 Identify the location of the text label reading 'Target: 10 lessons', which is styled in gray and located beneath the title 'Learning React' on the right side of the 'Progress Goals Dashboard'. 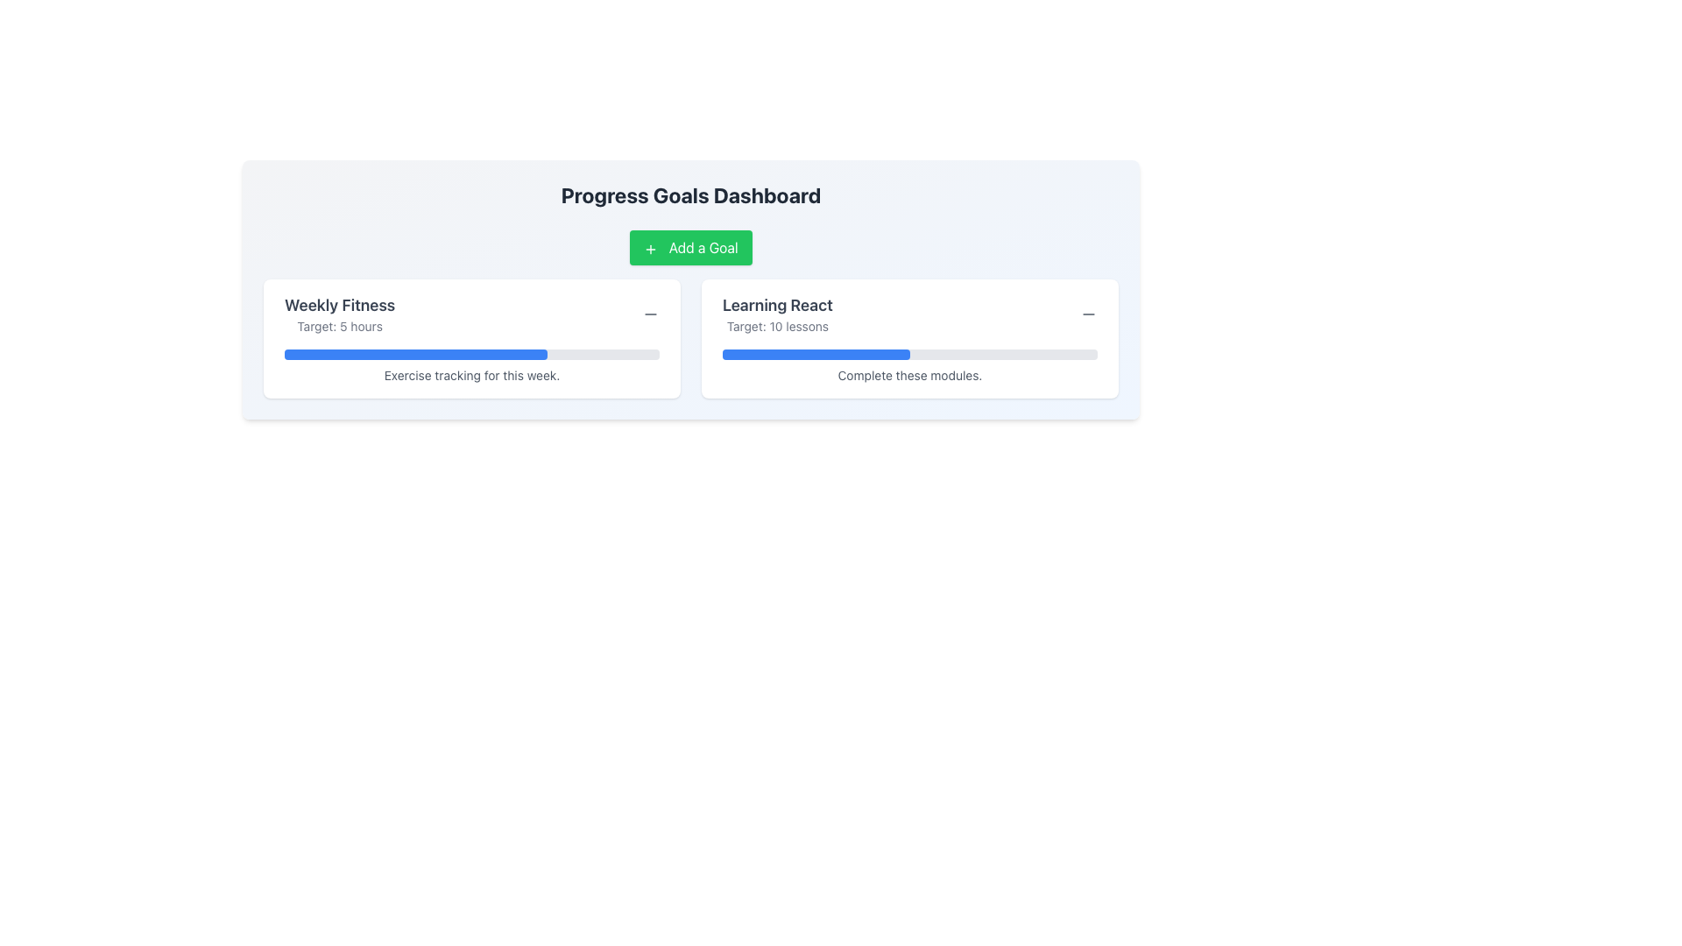
(777, 327).